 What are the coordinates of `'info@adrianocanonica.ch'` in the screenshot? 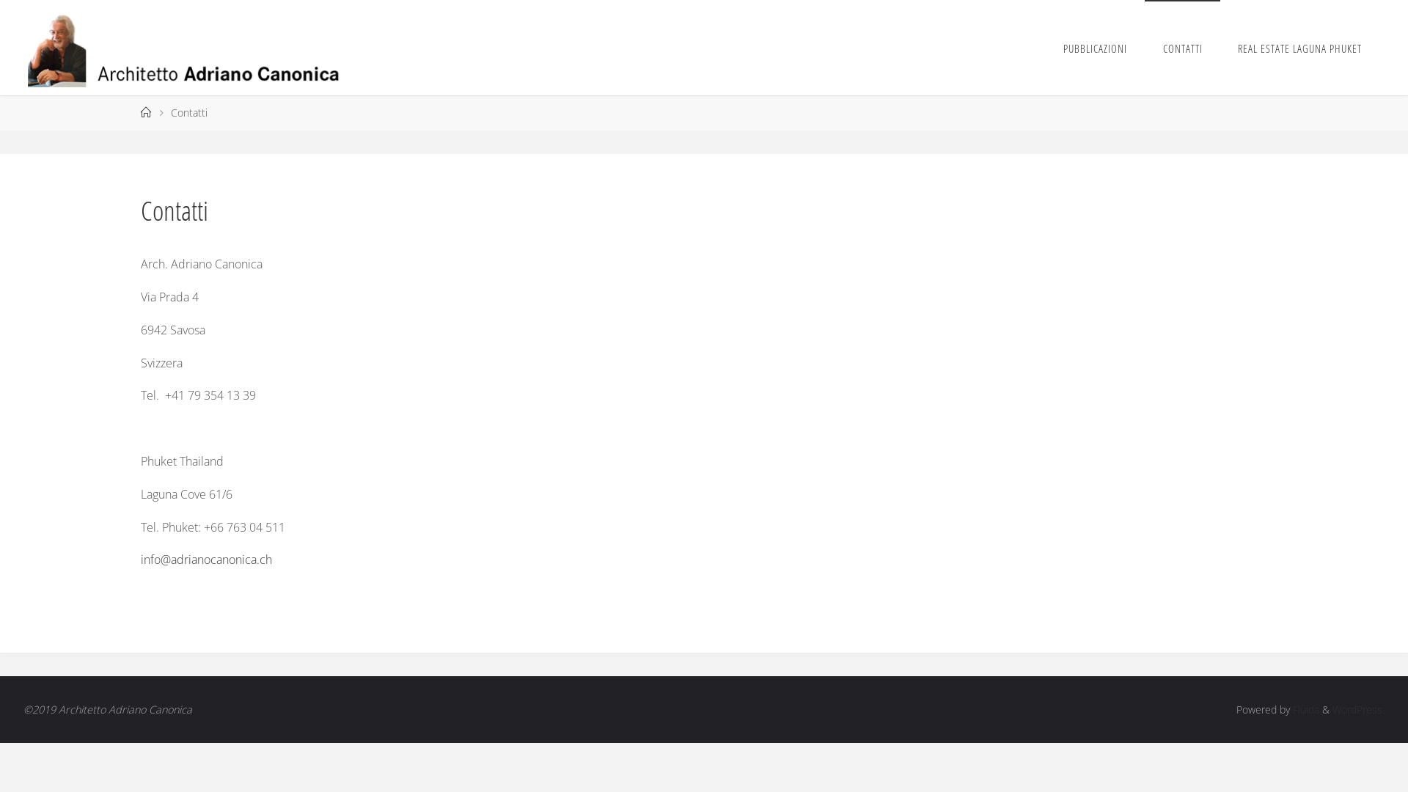 It's located at (205, 560).